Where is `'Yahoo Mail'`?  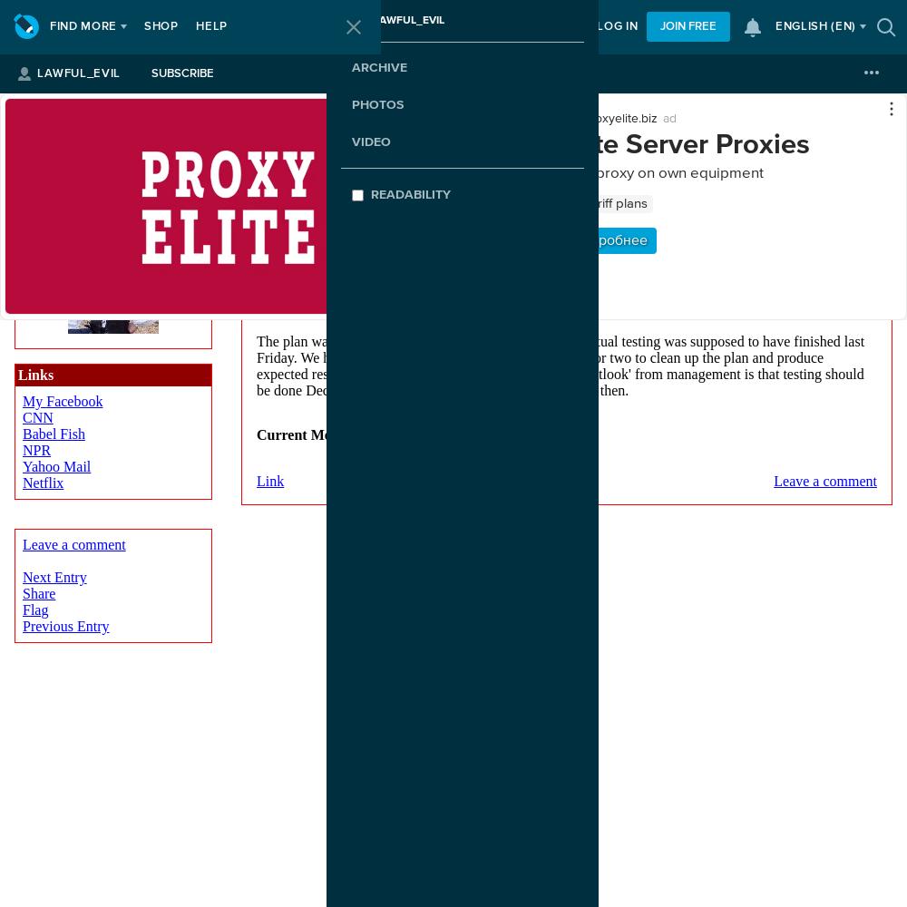 'Yahoo Mail' is located at coordinates (56, 466).